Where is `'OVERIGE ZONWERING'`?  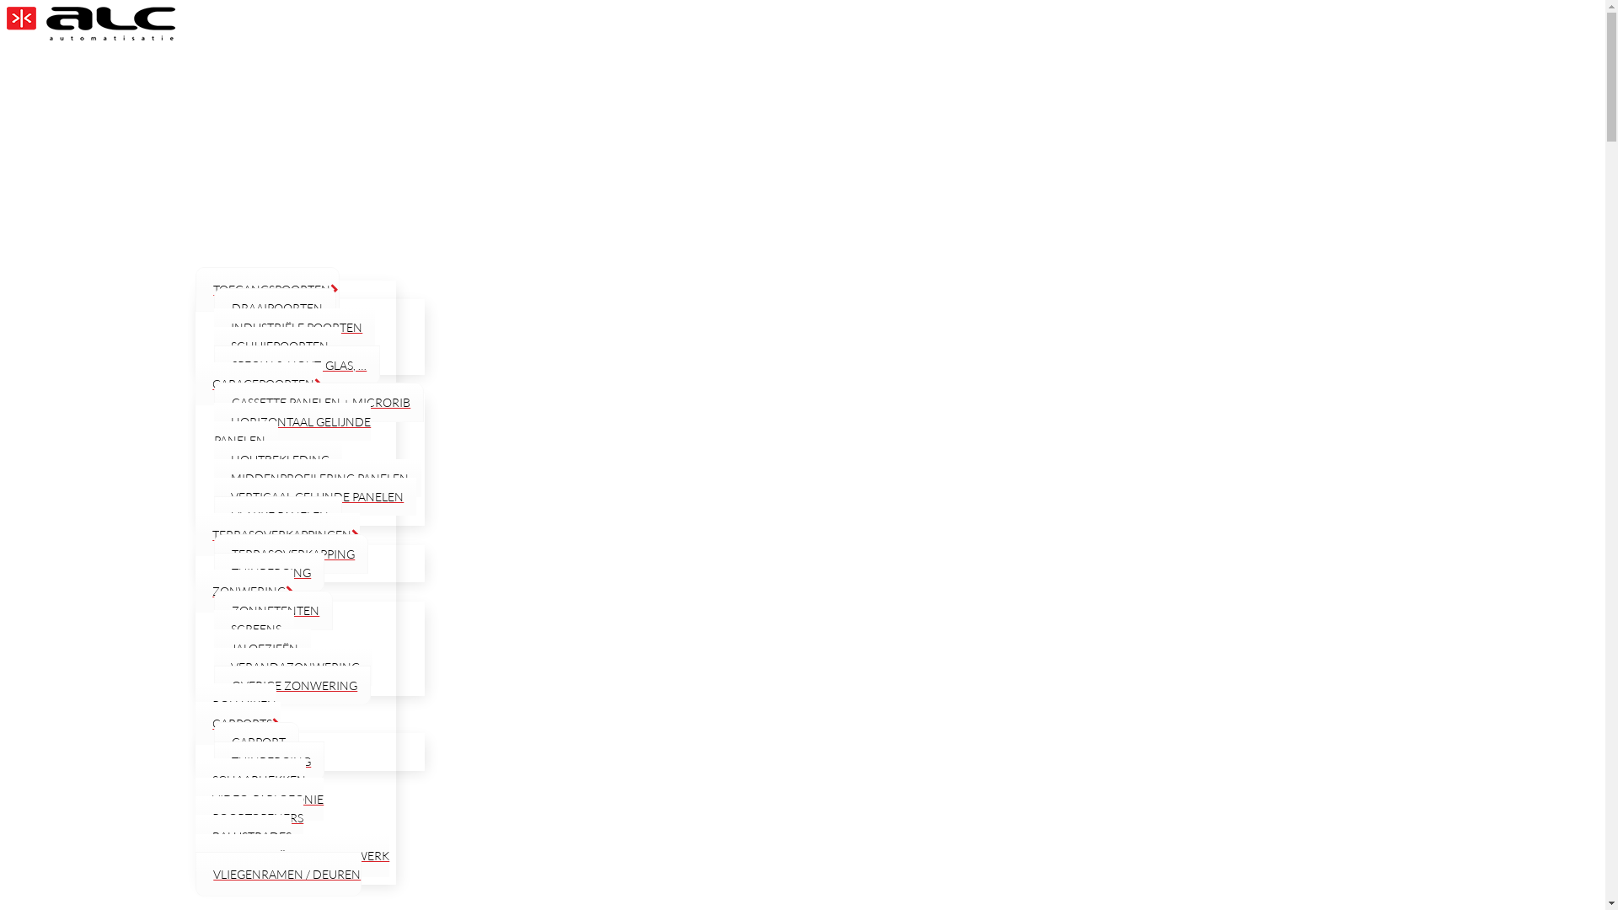 'OVERIGE ZONWERING' is located at coordinates (292, 685).